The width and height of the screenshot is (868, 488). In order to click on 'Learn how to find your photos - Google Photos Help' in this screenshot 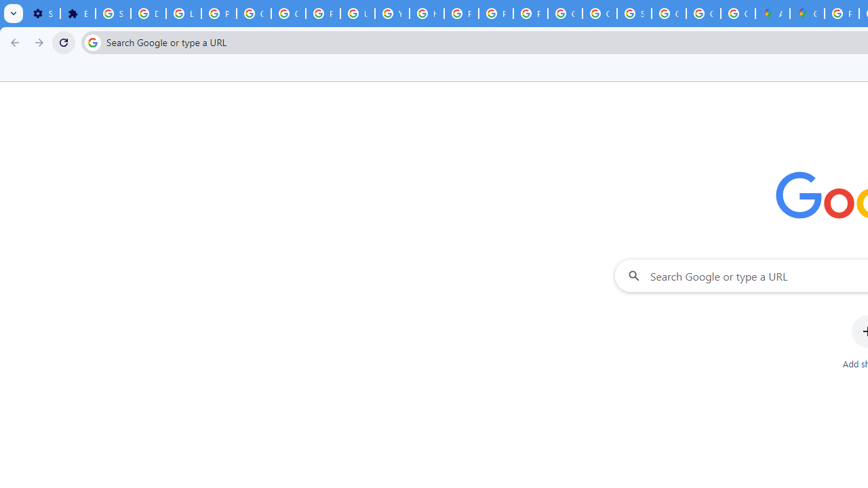, I will do `click(182, 14)`.